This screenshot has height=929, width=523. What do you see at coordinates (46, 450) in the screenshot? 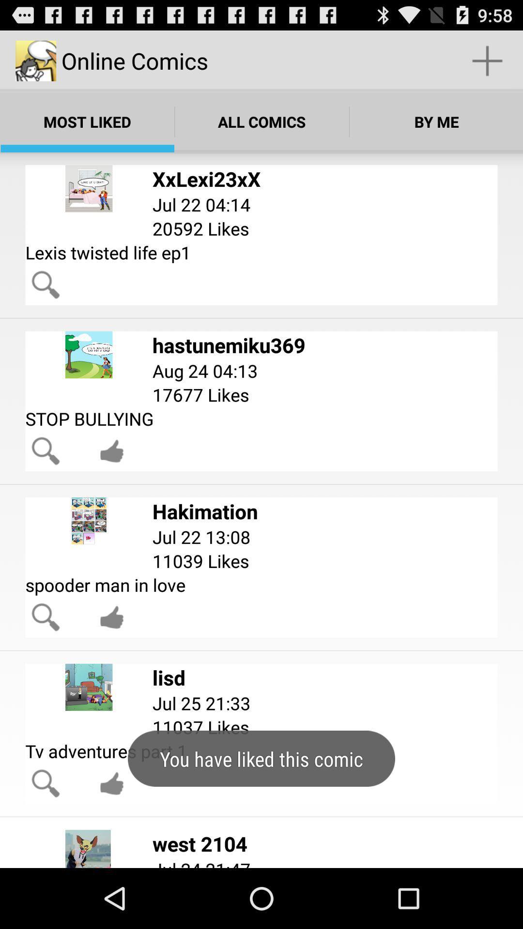
I see `search` at bounding box center [46, 450].